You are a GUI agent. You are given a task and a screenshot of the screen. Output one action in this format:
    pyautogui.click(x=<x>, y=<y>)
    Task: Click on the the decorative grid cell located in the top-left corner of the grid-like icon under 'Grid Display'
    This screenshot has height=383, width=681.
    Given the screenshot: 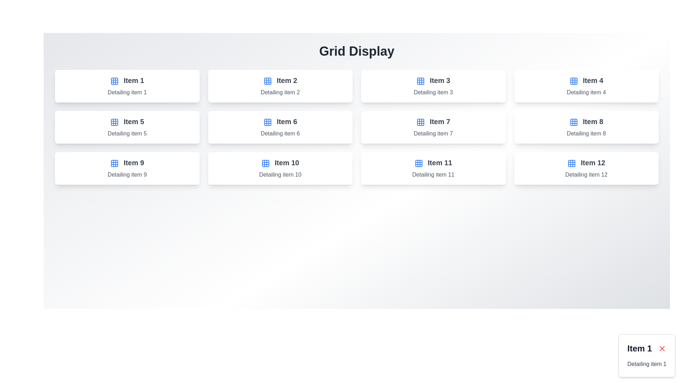 What is the action you would take?
    pyautogui.click(x=115, y=81)
    